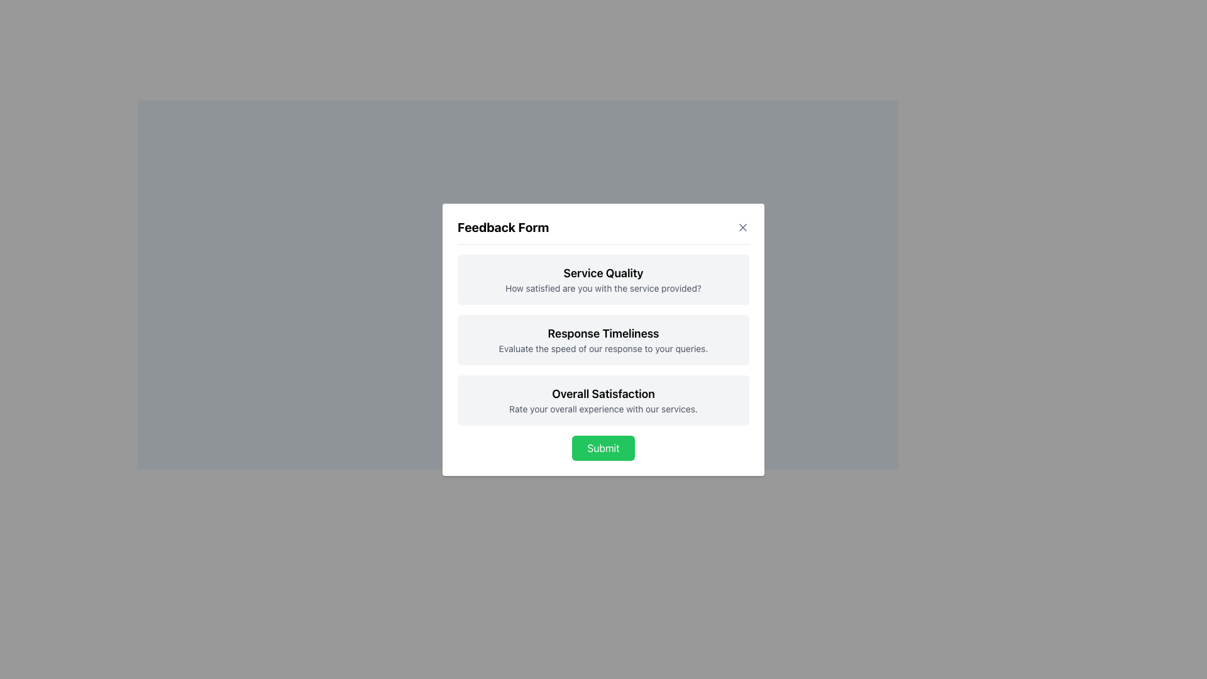 The width and height of the screenshot is (1207, 679). I want to click on the Informative block titled 'Response Timeliness' that contains the text 'Evaluate the speed of our response to your queries.', so click(603, 339).